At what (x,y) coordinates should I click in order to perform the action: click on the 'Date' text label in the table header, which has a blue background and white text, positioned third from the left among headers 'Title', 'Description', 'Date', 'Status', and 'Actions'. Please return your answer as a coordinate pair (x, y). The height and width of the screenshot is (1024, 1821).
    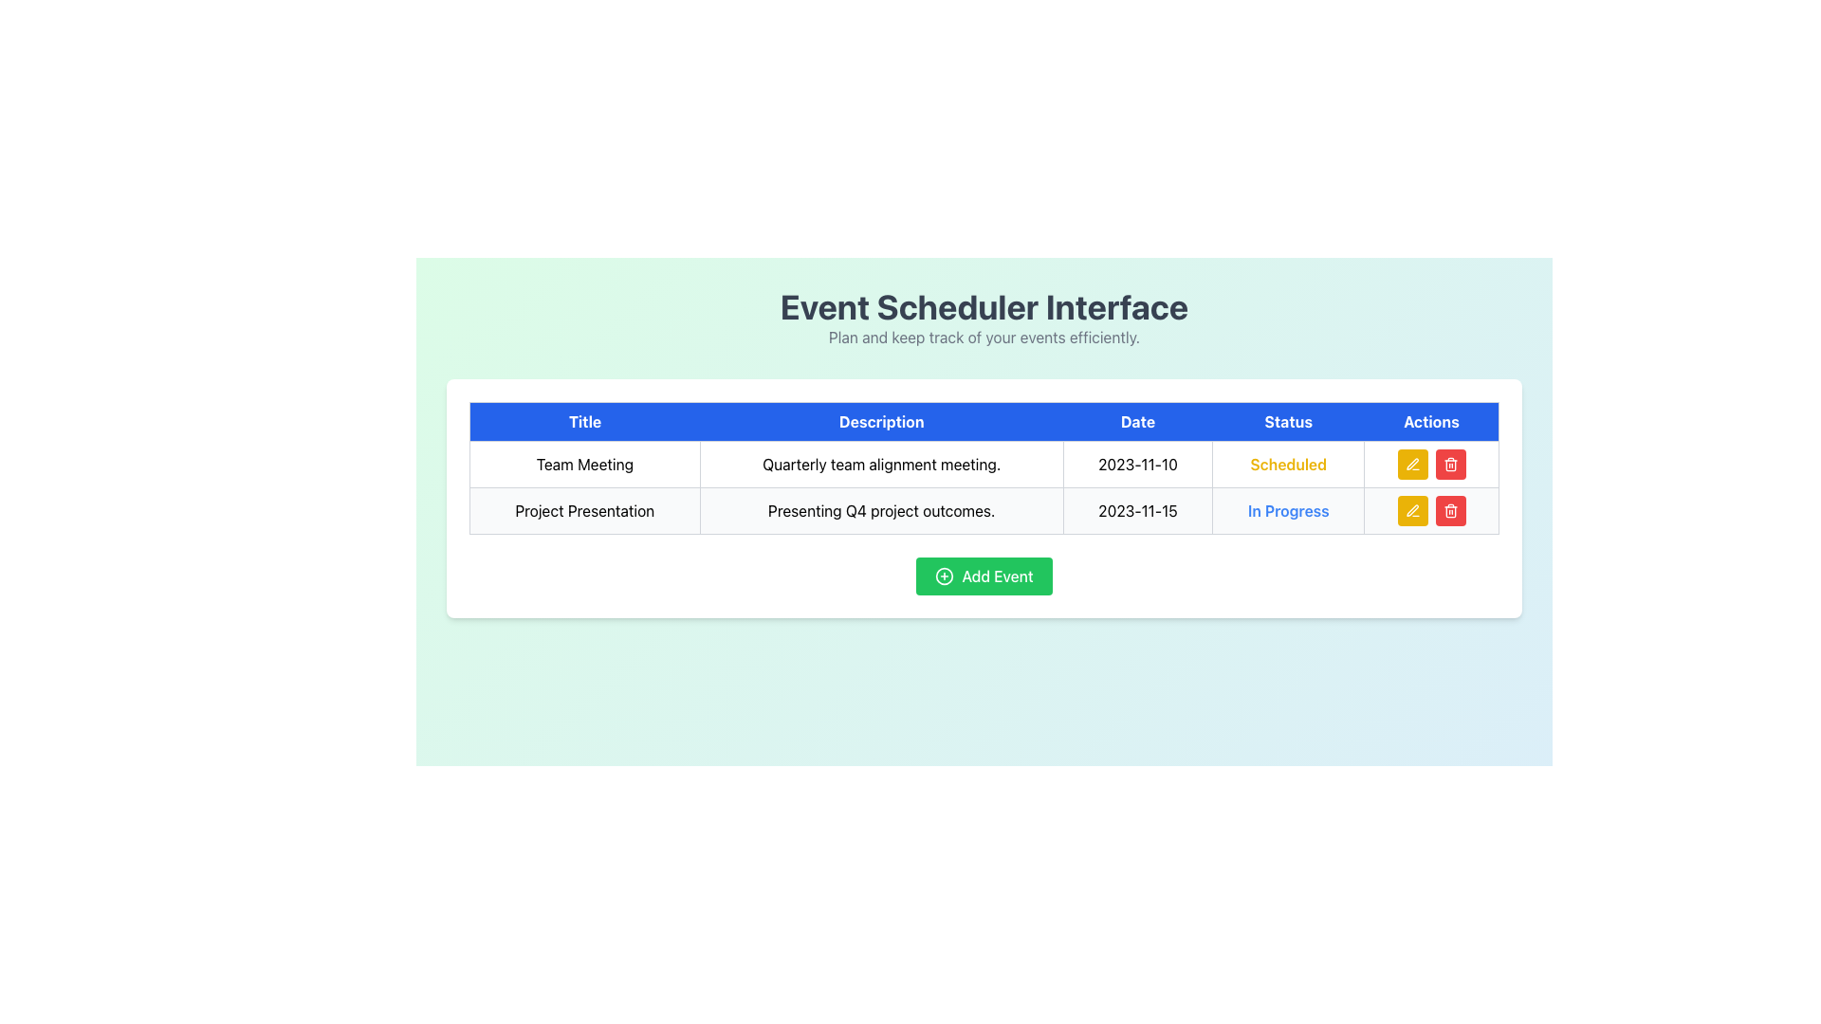
    Looking at the image, I should click on (1138, 420).